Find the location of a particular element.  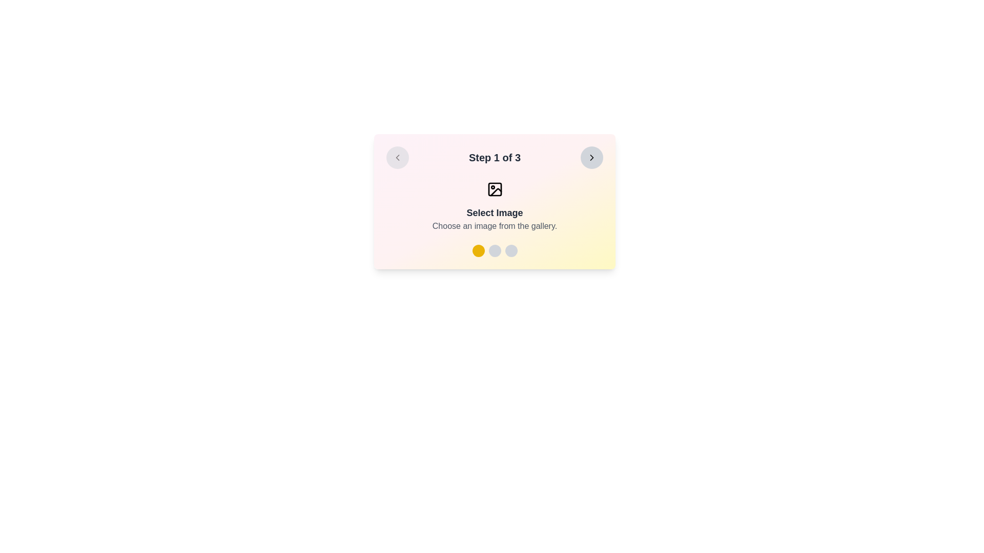

the circular button containing the right-pointing chevron icon located in the top-right corner of the interactive panel to advance is located at coordinates (592, 158).